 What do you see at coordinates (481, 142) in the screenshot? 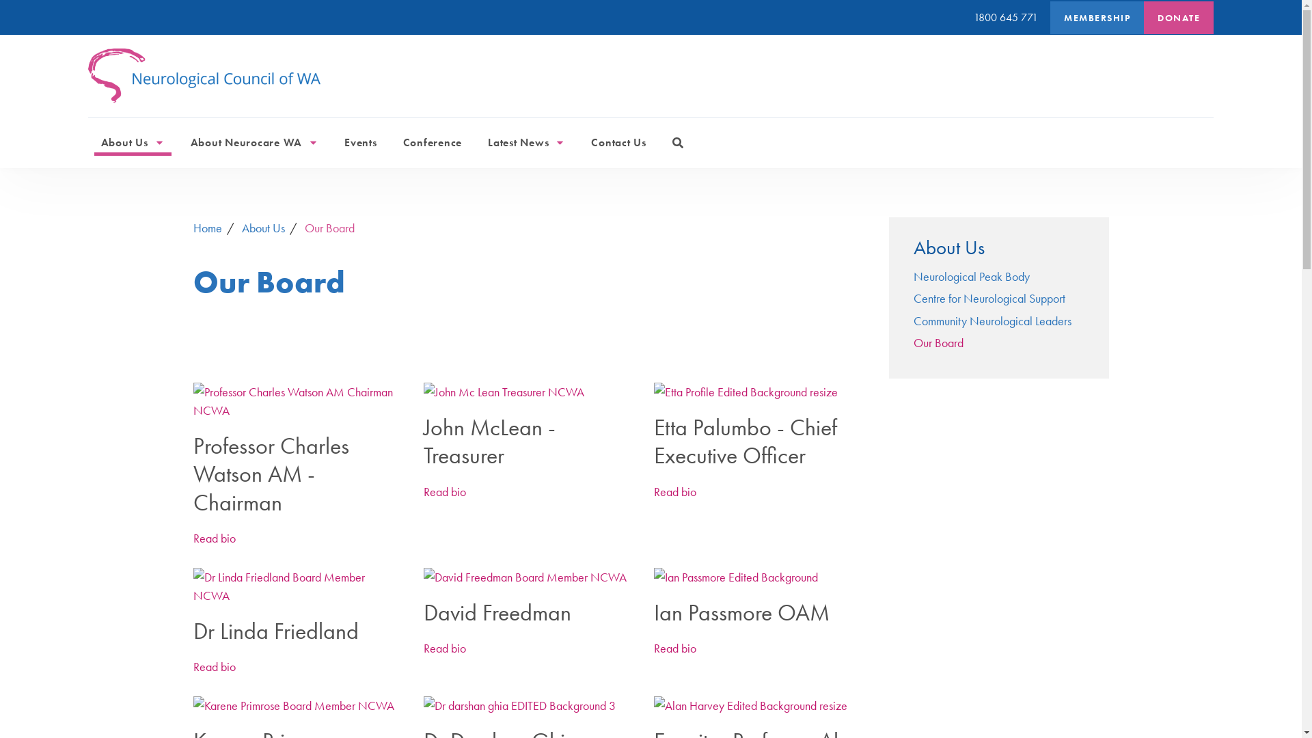
I see `'Latest News'` at bounding box center [481, 142].